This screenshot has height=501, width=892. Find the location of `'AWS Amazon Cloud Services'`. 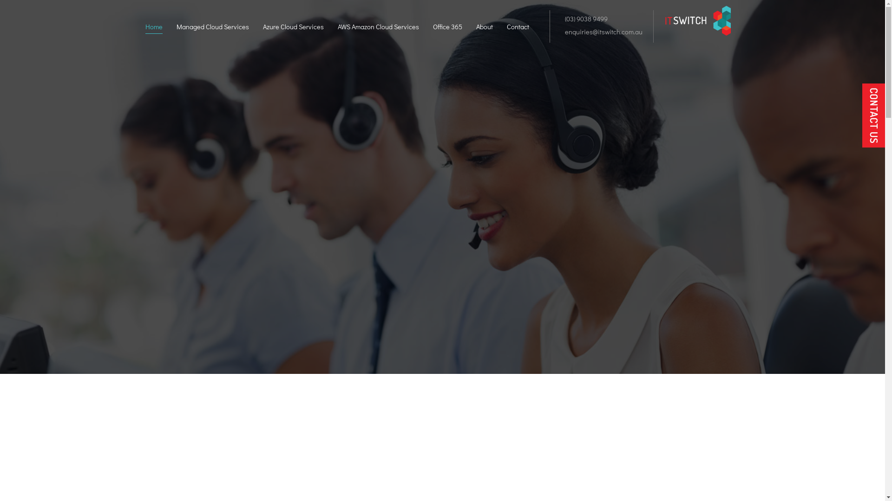

'AWS Amazon Cloud Services' is located at coordinates (378, 27).